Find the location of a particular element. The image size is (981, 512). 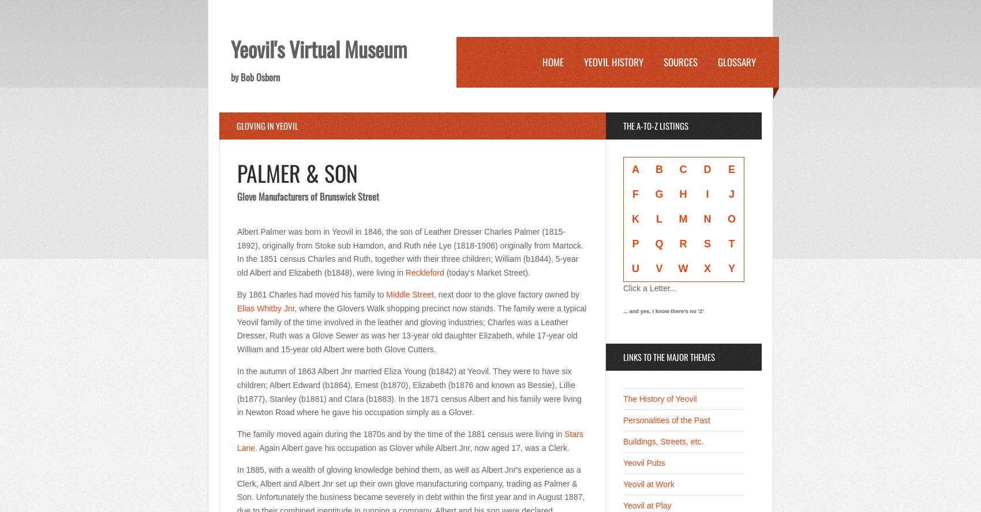

'links to the major 
														themes' is located at coordinates (623, 356).